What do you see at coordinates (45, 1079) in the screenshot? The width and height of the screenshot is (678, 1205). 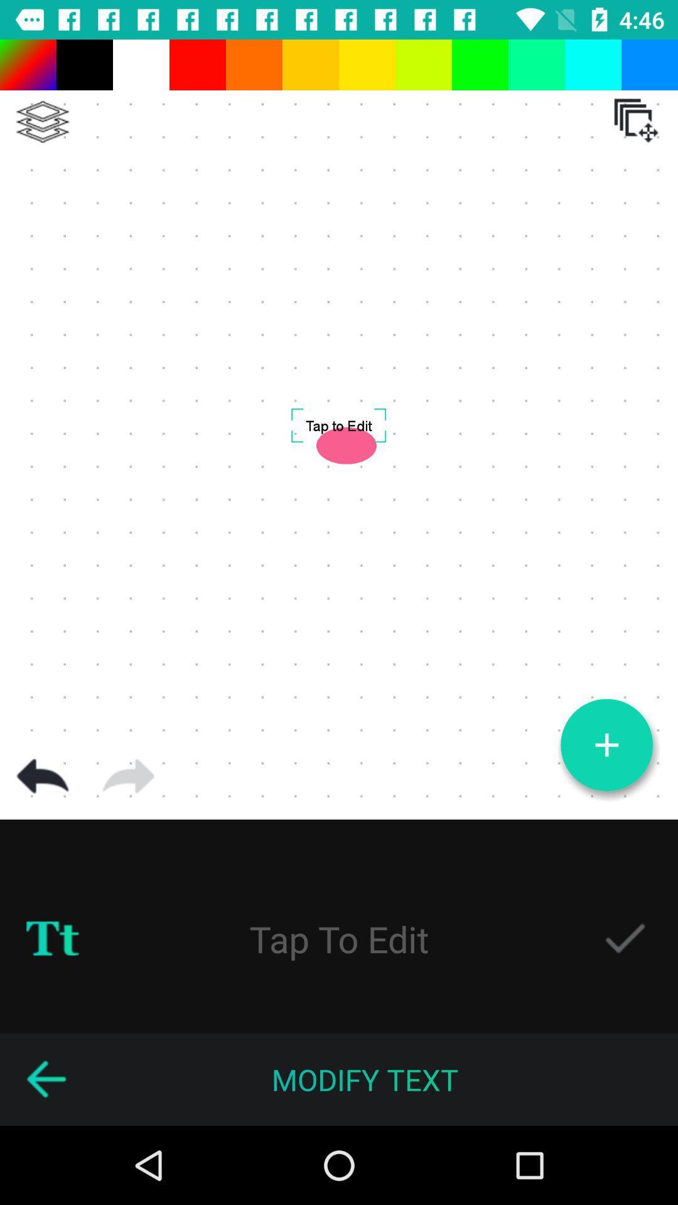 I see `go back` at bounding box center [45, 1079].